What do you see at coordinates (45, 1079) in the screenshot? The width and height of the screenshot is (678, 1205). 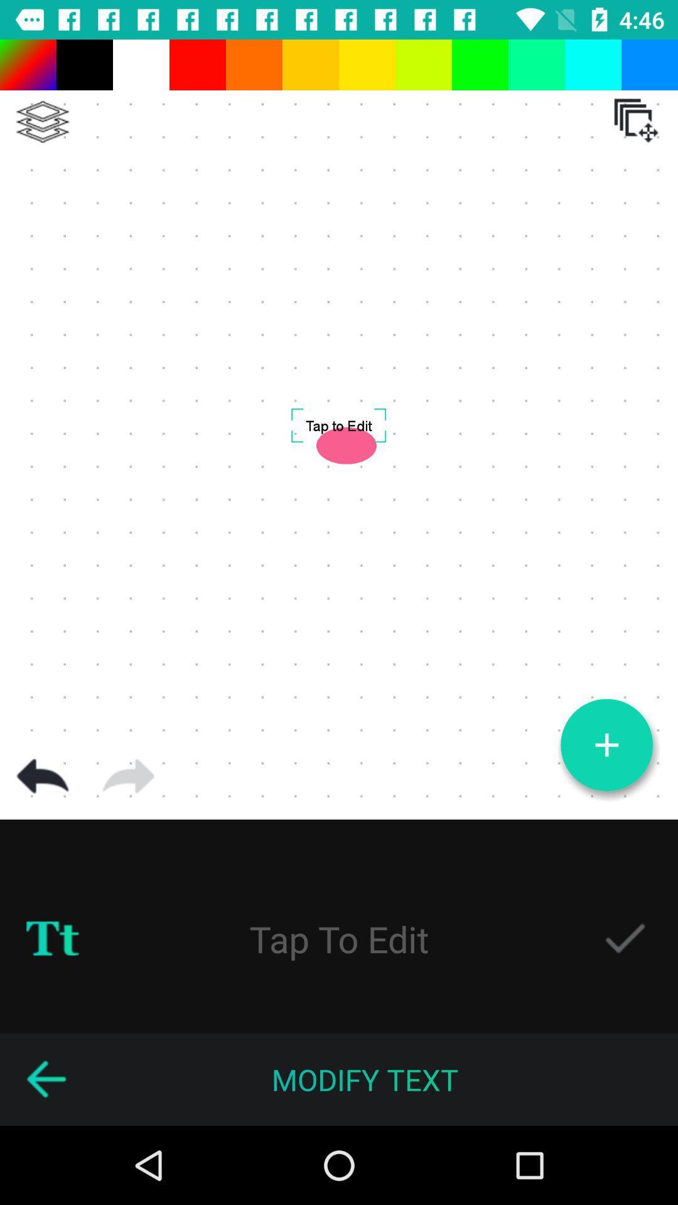 I see `go back` at bounding box center [45, 1079].